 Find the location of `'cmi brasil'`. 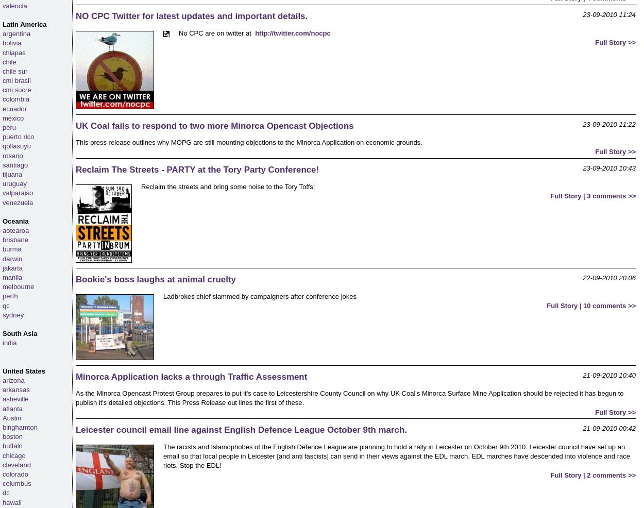

'cmi brasil' is located at coordinates (3, 80).